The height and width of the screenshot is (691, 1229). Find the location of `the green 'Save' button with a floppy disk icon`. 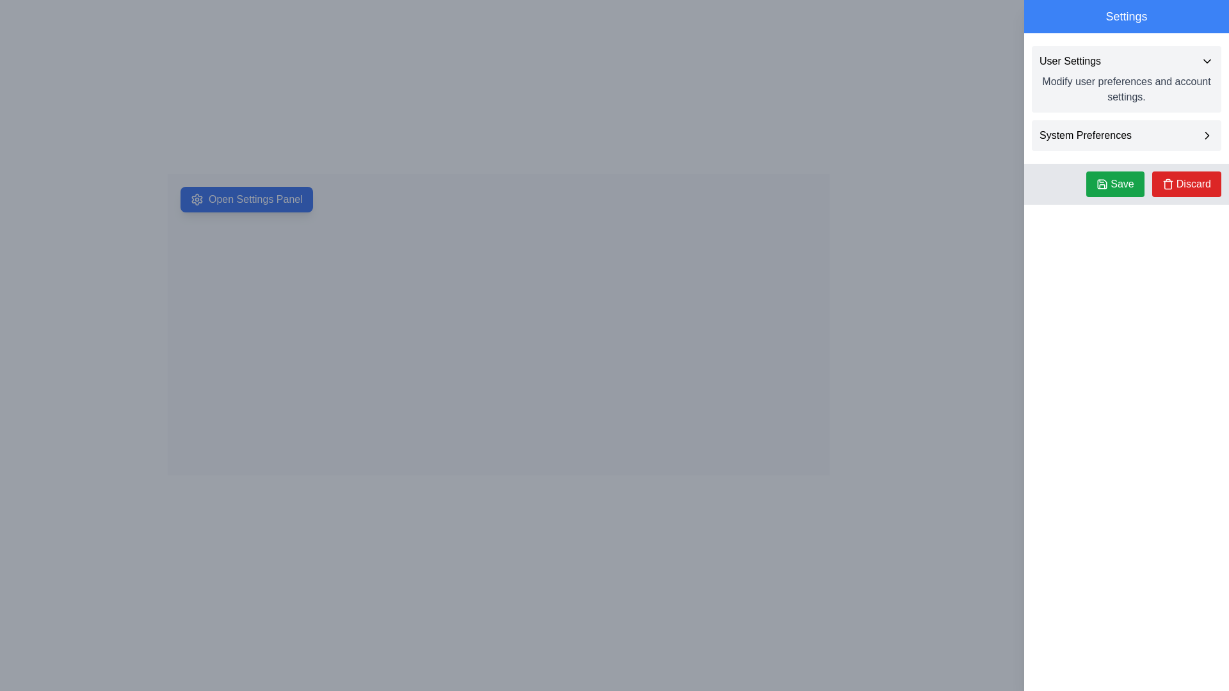

the green 'Save' button with a floppy disk icon is located at coordinates (1114, 184).